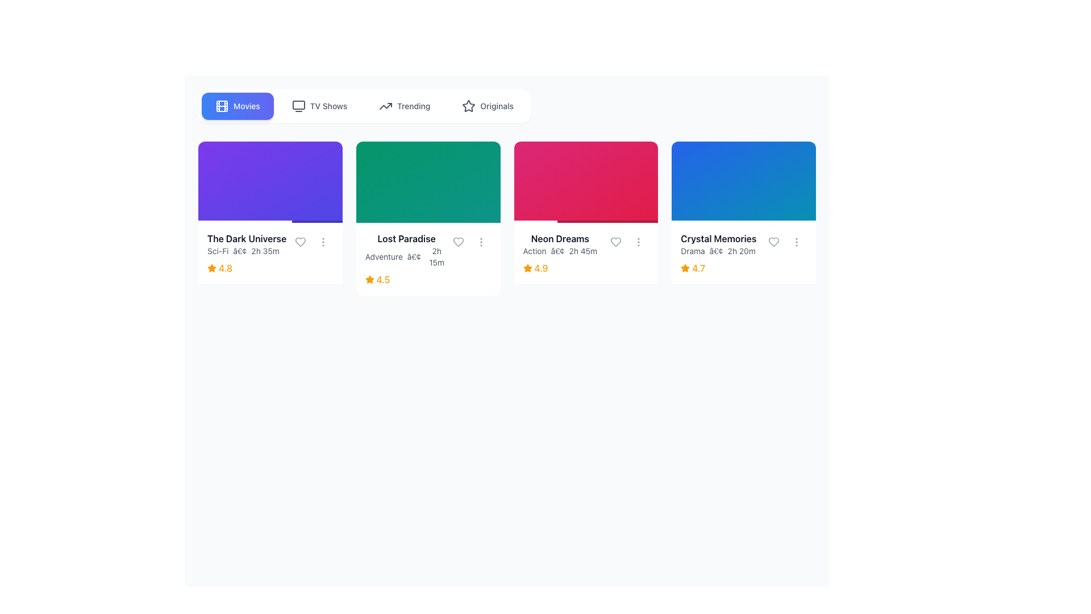  What do you see at coordinates (744, 243) in the screenshot?
I see `text displayed in the 'Crystal Memories' movie card, which includes the title in bold dark text and additional details in smaller gray text` at bounding box center [744, 243].